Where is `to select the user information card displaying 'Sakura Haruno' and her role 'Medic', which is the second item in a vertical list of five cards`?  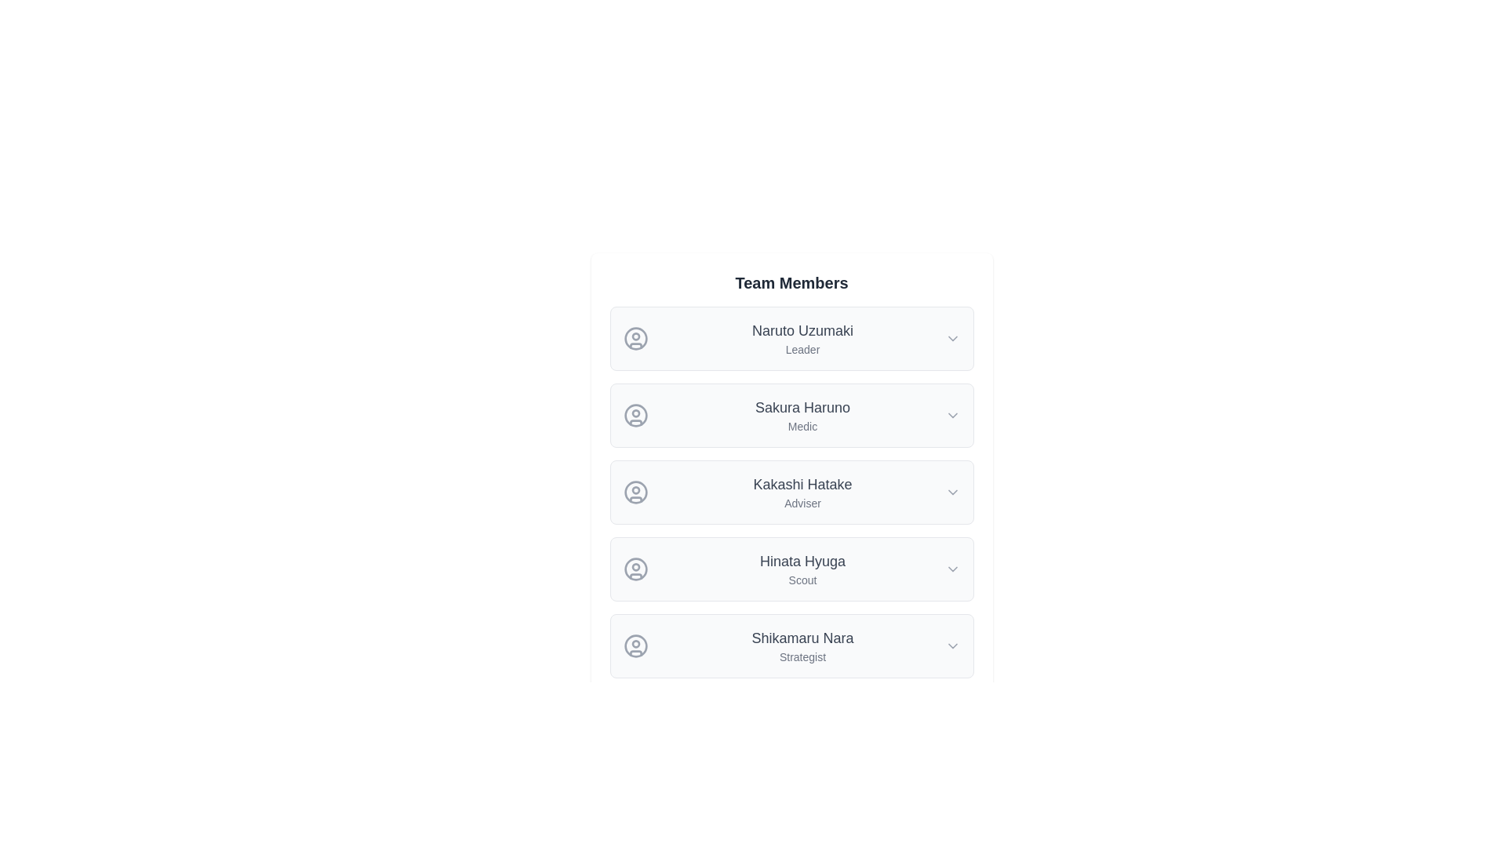 to select the user information card displaying 'Sakura Haruno' and her role 'Medic', which is the second item in a vertical list of five cards is located at coordinates (791, 414).